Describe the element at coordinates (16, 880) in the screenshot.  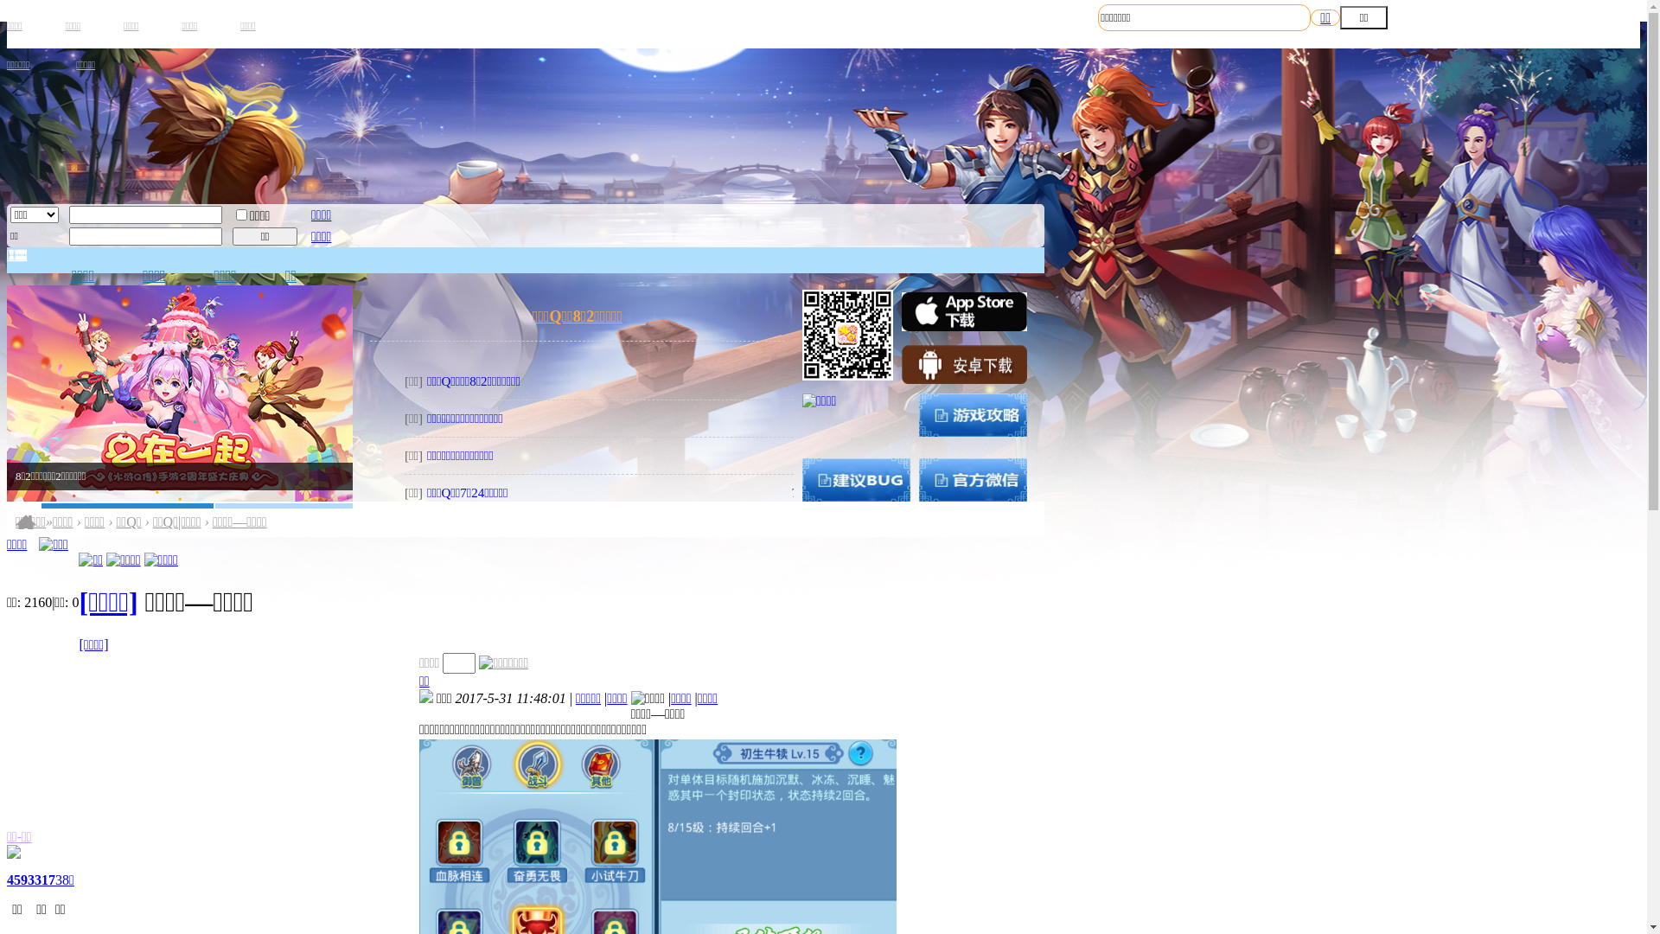
I see `'459'` at that location.